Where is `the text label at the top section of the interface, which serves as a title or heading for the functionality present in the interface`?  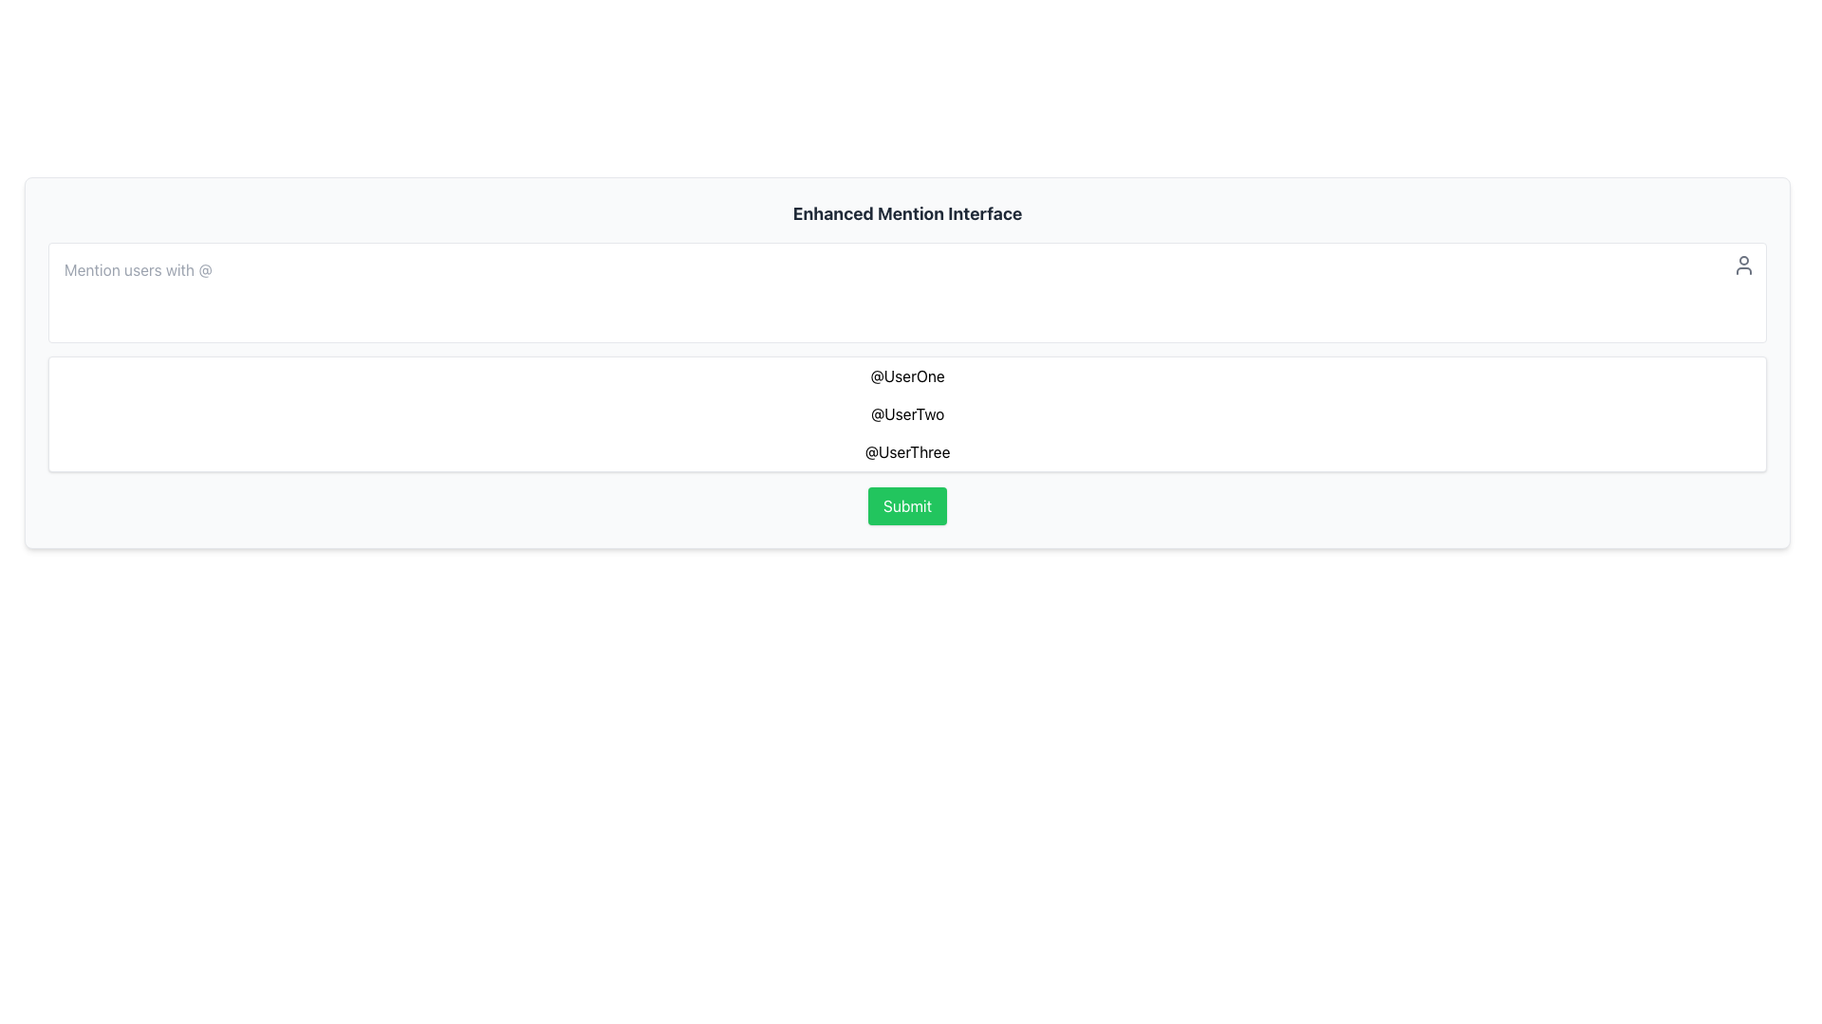 the text label at the top section of the interface, which serves as a title or heading for the functionality present in the interface is located at coordinates (906, 213).